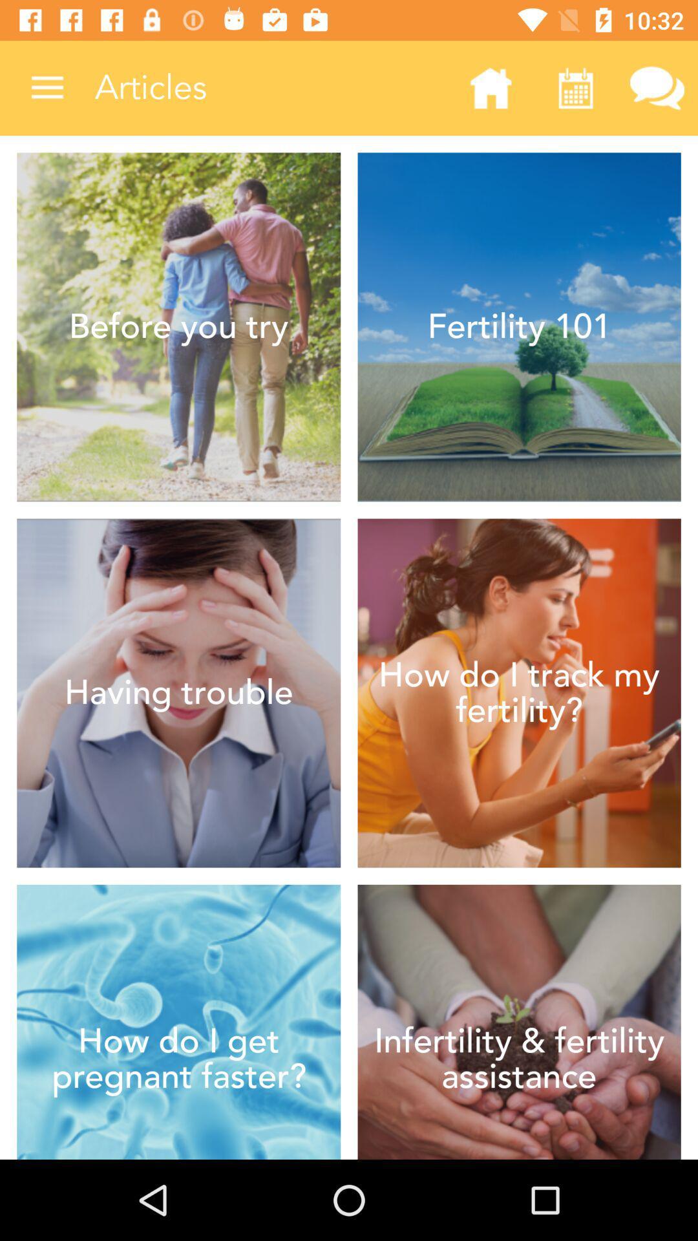 Image resolution: width=698 pixels, height=1241 pixels. What do you see at coordinates (491, 87) in the screenshot?
I see `the icon next to the articles item` at bounding box center [491, 87].